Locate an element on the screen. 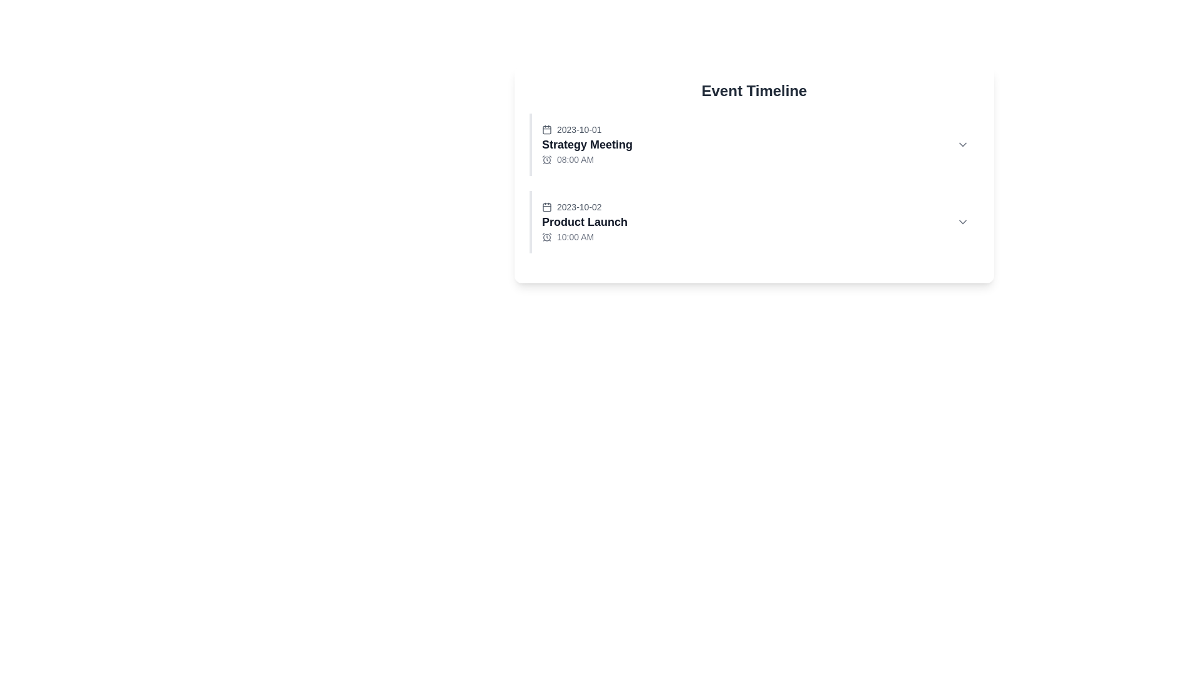 The width and height of the screenshot is (1199, 674). the date icon that marks the event date '2023-10-02' in the 'Event Timeline' section is located at coordinates (546, 206).